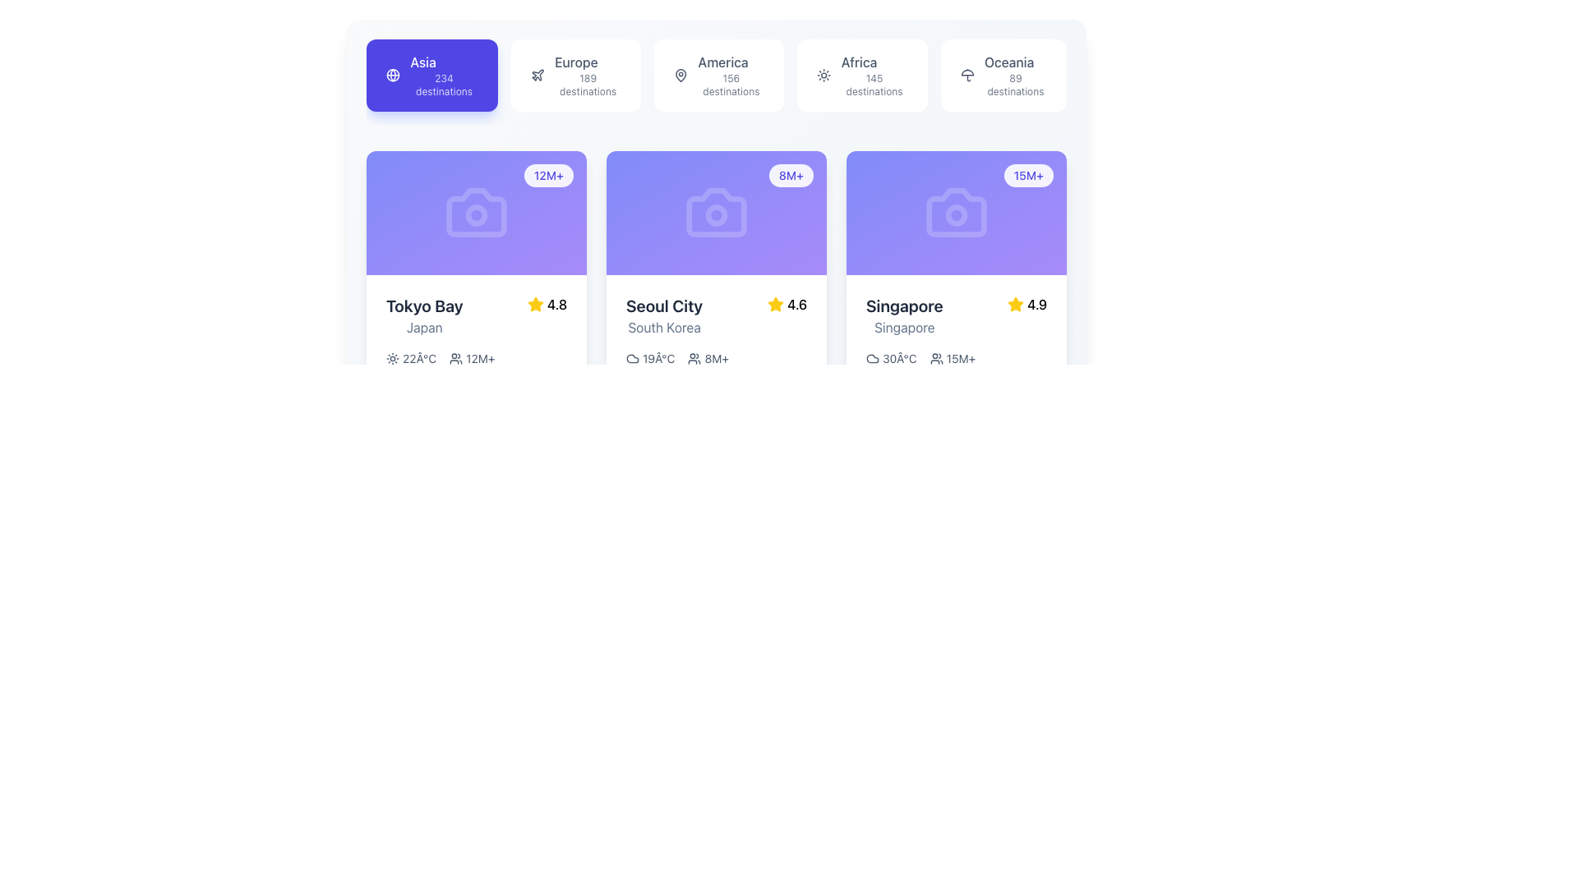  Describe the element at coordinates (1014, 76) in the screenshot. I see `the label element displaying 'Oceania' with the text '89 destinations' in a card containing an umbrella icon` at that location.